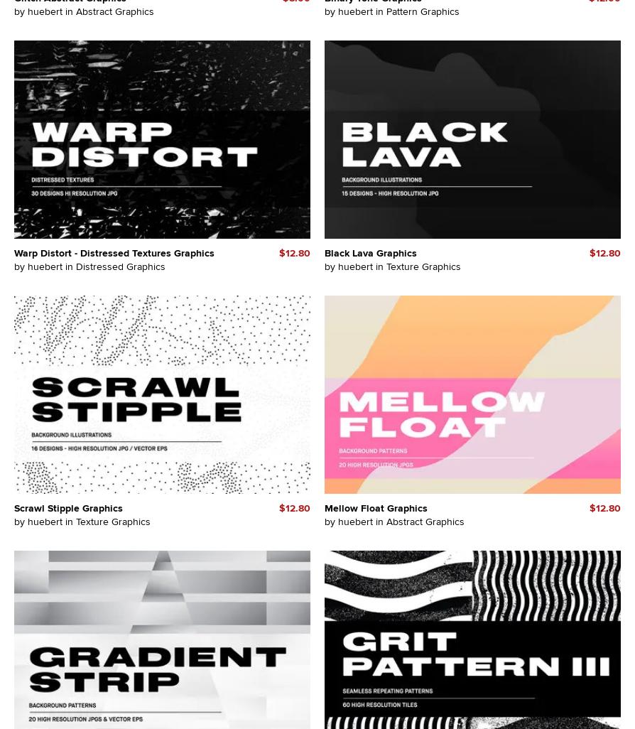 The height and width of the screenshot is (729, 635). I want to click on 'Warp Distort - Distressed Textures  Graphics', so click(114, 252).